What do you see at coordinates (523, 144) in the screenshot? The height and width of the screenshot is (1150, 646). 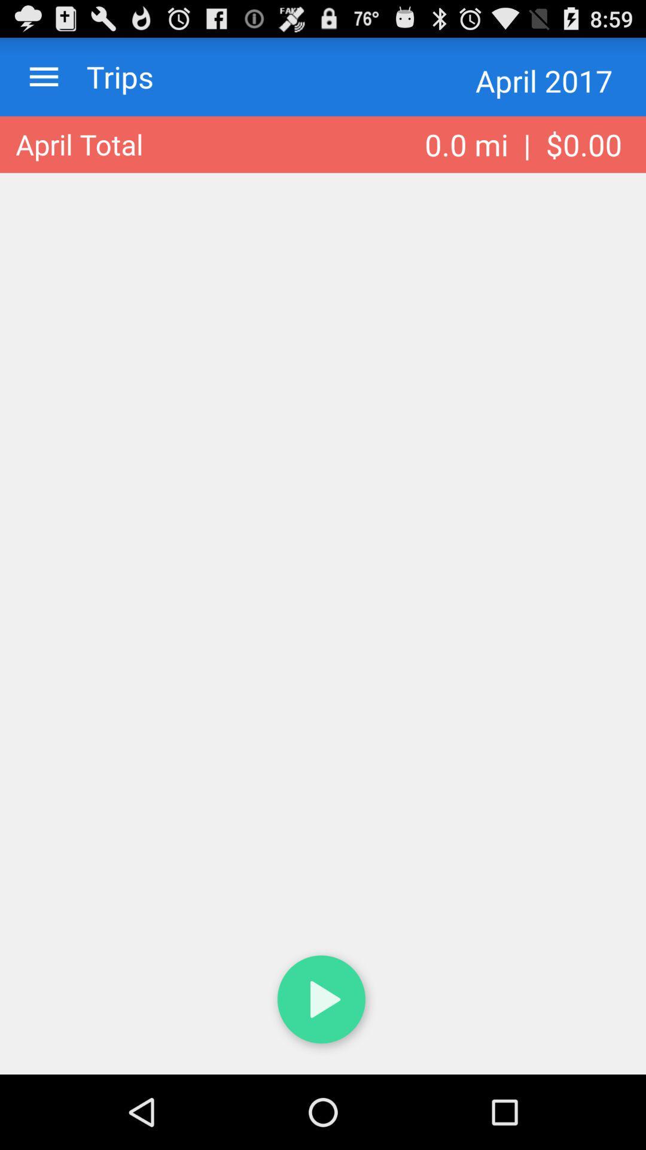 I see `app next to the april total icon` at bounding box center [523, 144].